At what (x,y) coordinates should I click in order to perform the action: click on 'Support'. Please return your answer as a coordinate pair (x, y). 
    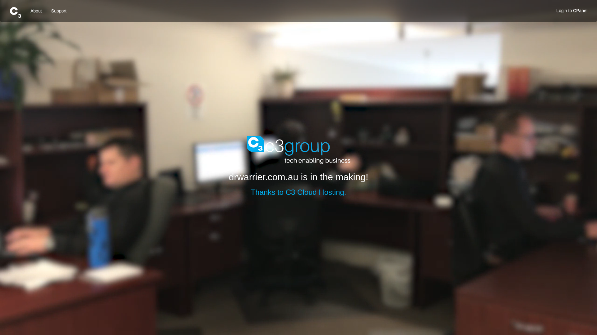
    Looking at the image, I should click on (59, 11).